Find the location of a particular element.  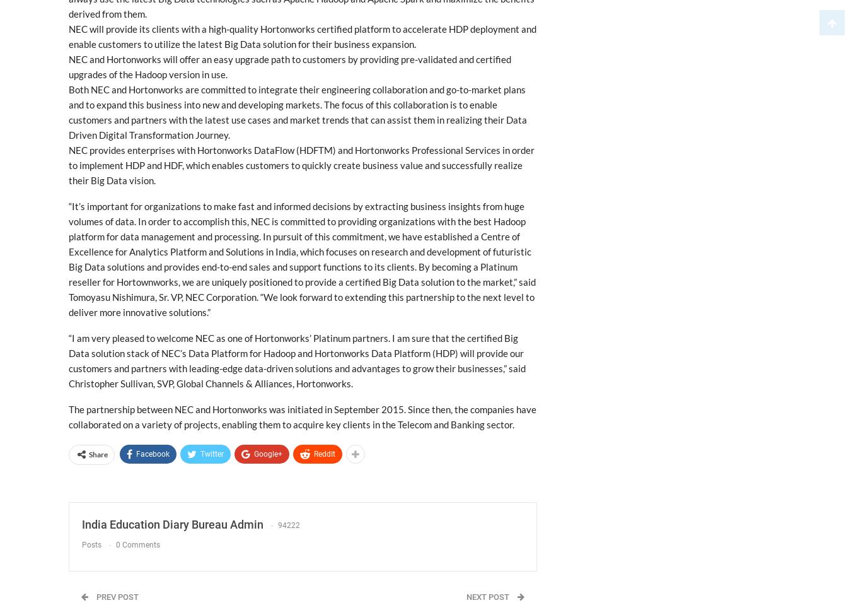

'Prev Post' is located at coordinates (116, 596).